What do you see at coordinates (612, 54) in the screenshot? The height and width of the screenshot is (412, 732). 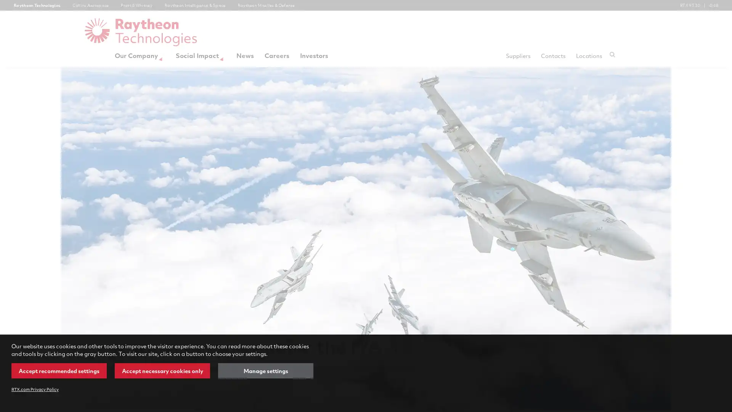 I see `Submit search request` at bounding box center [612, 54].